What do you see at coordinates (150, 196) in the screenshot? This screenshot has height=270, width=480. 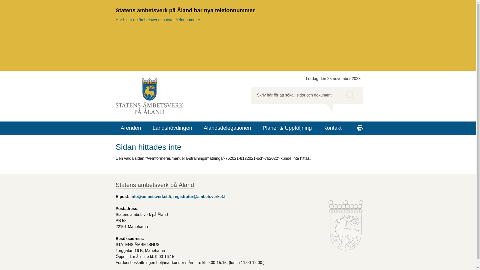 I see `'info@ambetsverket.fi'` at bounding box center [150, 196].